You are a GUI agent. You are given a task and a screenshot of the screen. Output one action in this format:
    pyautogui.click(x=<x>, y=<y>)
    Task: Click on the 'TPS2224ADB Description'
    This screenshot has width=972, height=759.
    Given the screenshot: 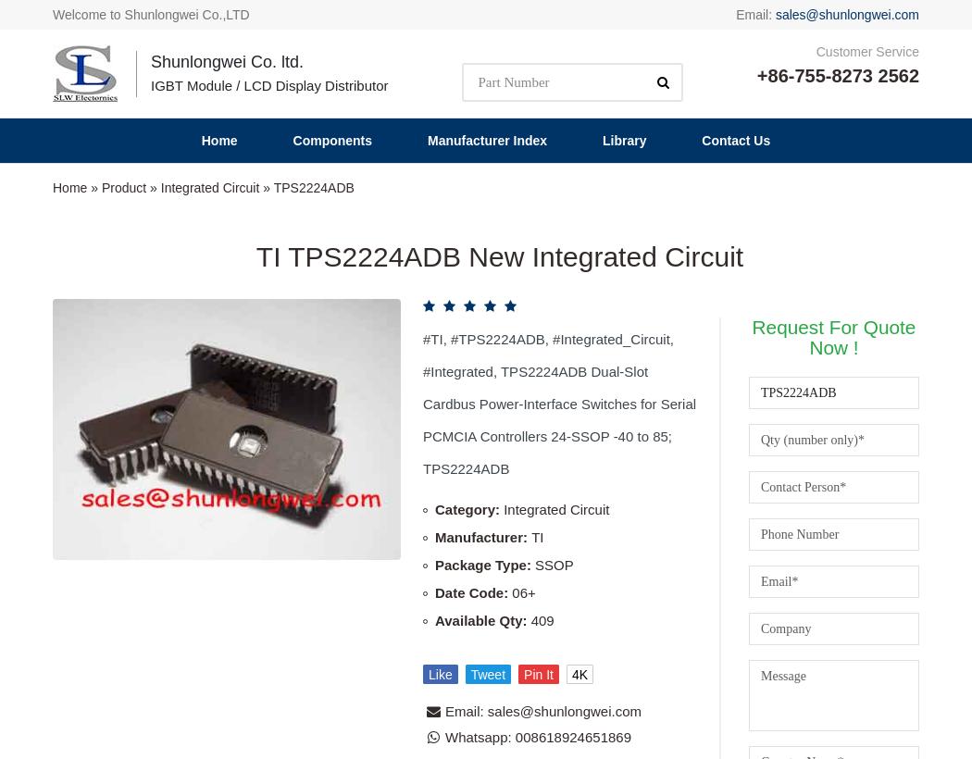 What is the action you would take?
    pyautogui.click(x=484, y=511)
    